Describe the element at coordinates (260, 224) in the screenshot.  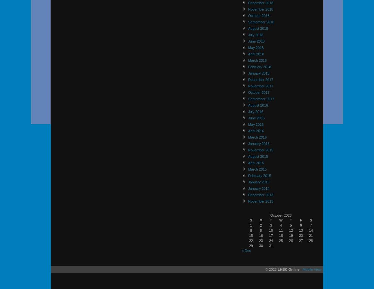
I see `'2'` at that location.